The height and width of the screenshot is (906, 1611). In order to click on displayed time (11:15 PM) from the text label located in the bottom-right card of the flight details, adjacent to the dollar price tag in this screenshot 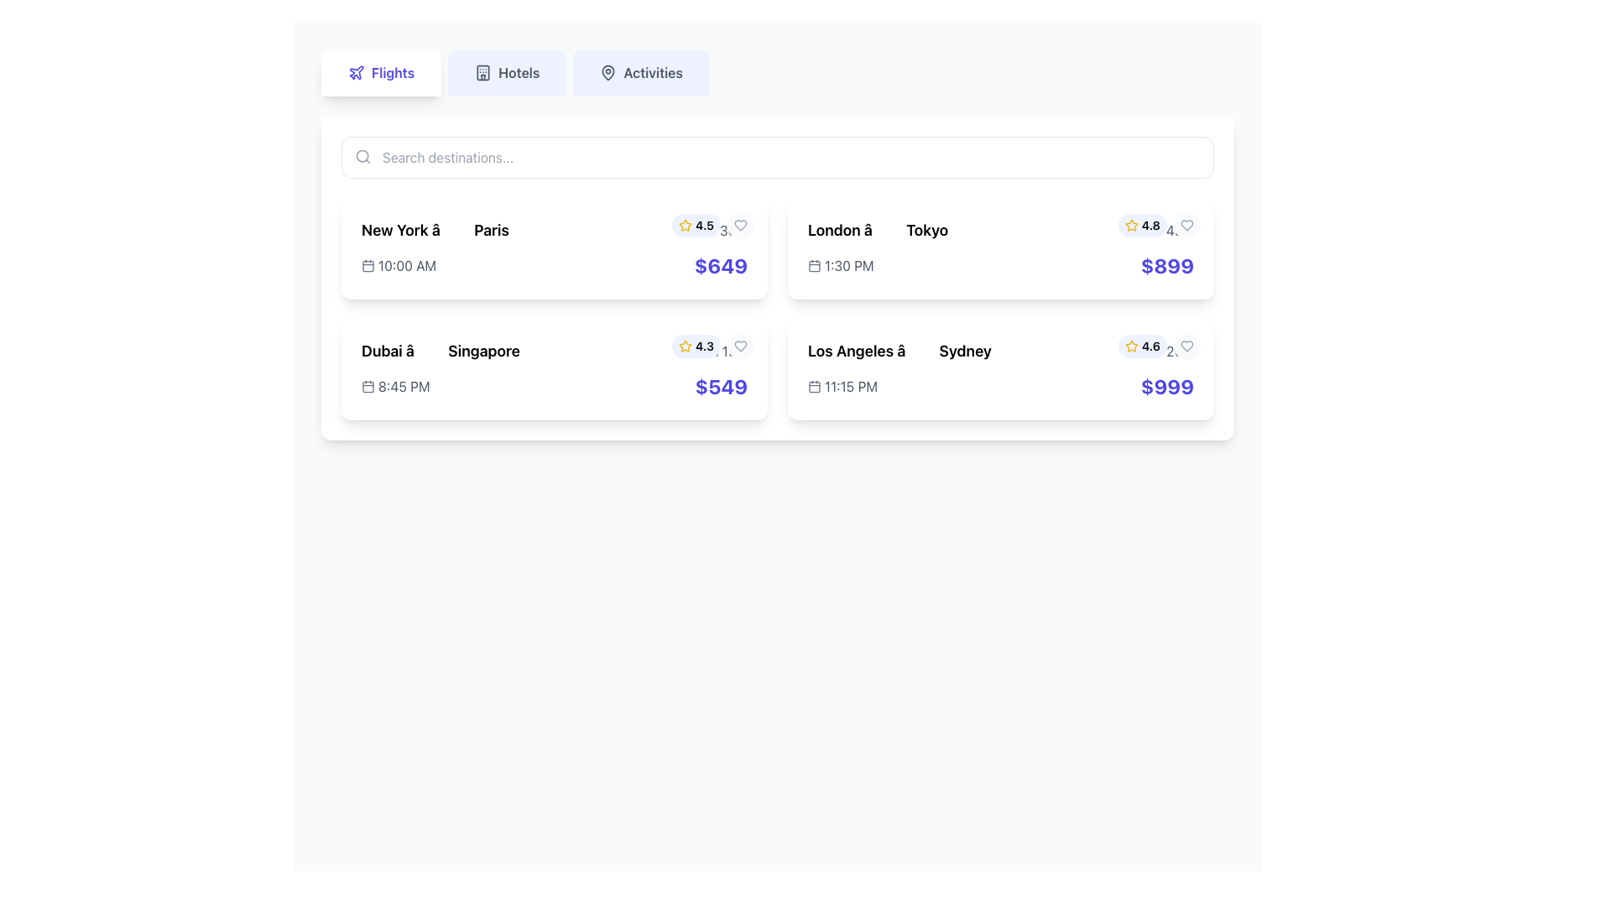, I will do `click(851, 387)`.